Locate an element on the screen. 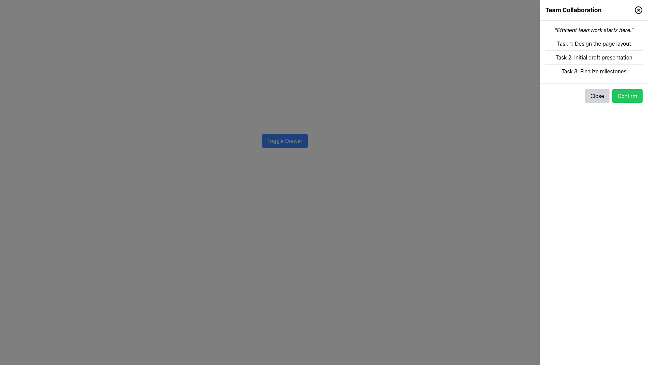 Image resolution: width=648 pixels, height=365 pixels. the blue 'Toggle Drawer' button with white text is located at coordinates (285, 140).